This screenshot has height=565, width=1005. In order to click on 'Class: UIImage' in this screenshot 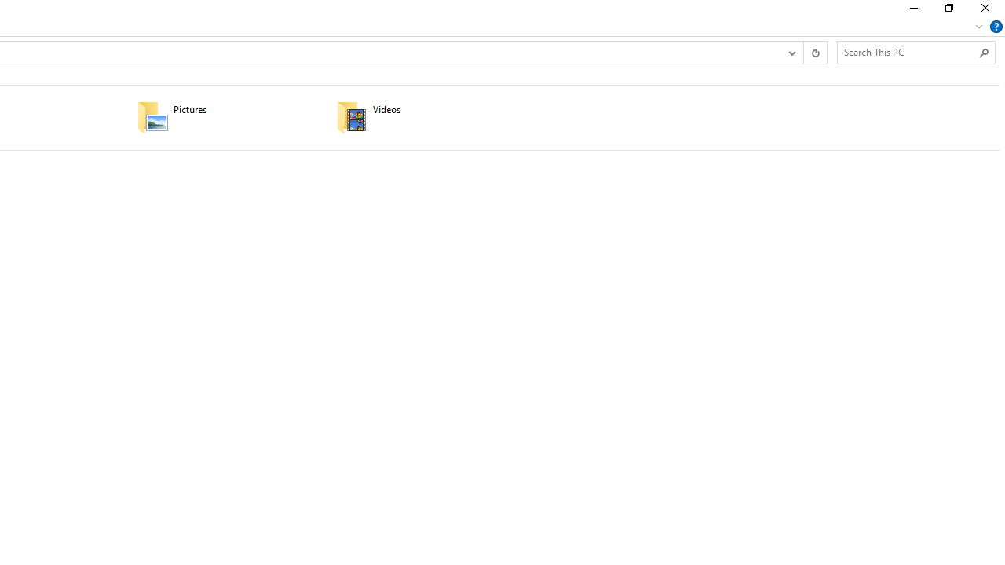, I will do `click(351, 116)`.